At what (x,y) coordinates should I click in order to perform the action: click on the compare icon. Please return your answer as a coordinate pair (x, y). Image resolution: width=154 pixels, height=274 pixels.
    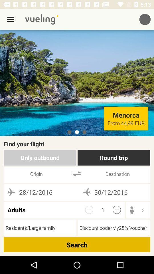
    Looking at the image, I should click on (77, 174).